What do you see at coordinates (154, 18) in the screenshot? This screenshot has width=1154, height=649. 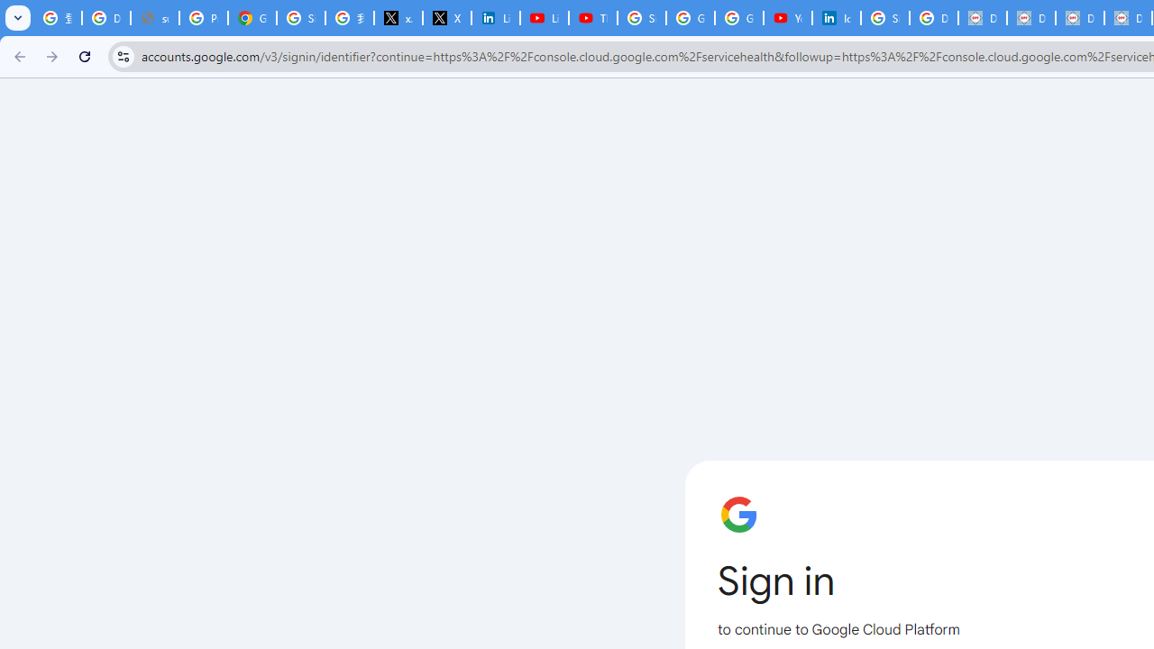 I see `'support.google.com - Network error'` at bounding box center [154, 18].